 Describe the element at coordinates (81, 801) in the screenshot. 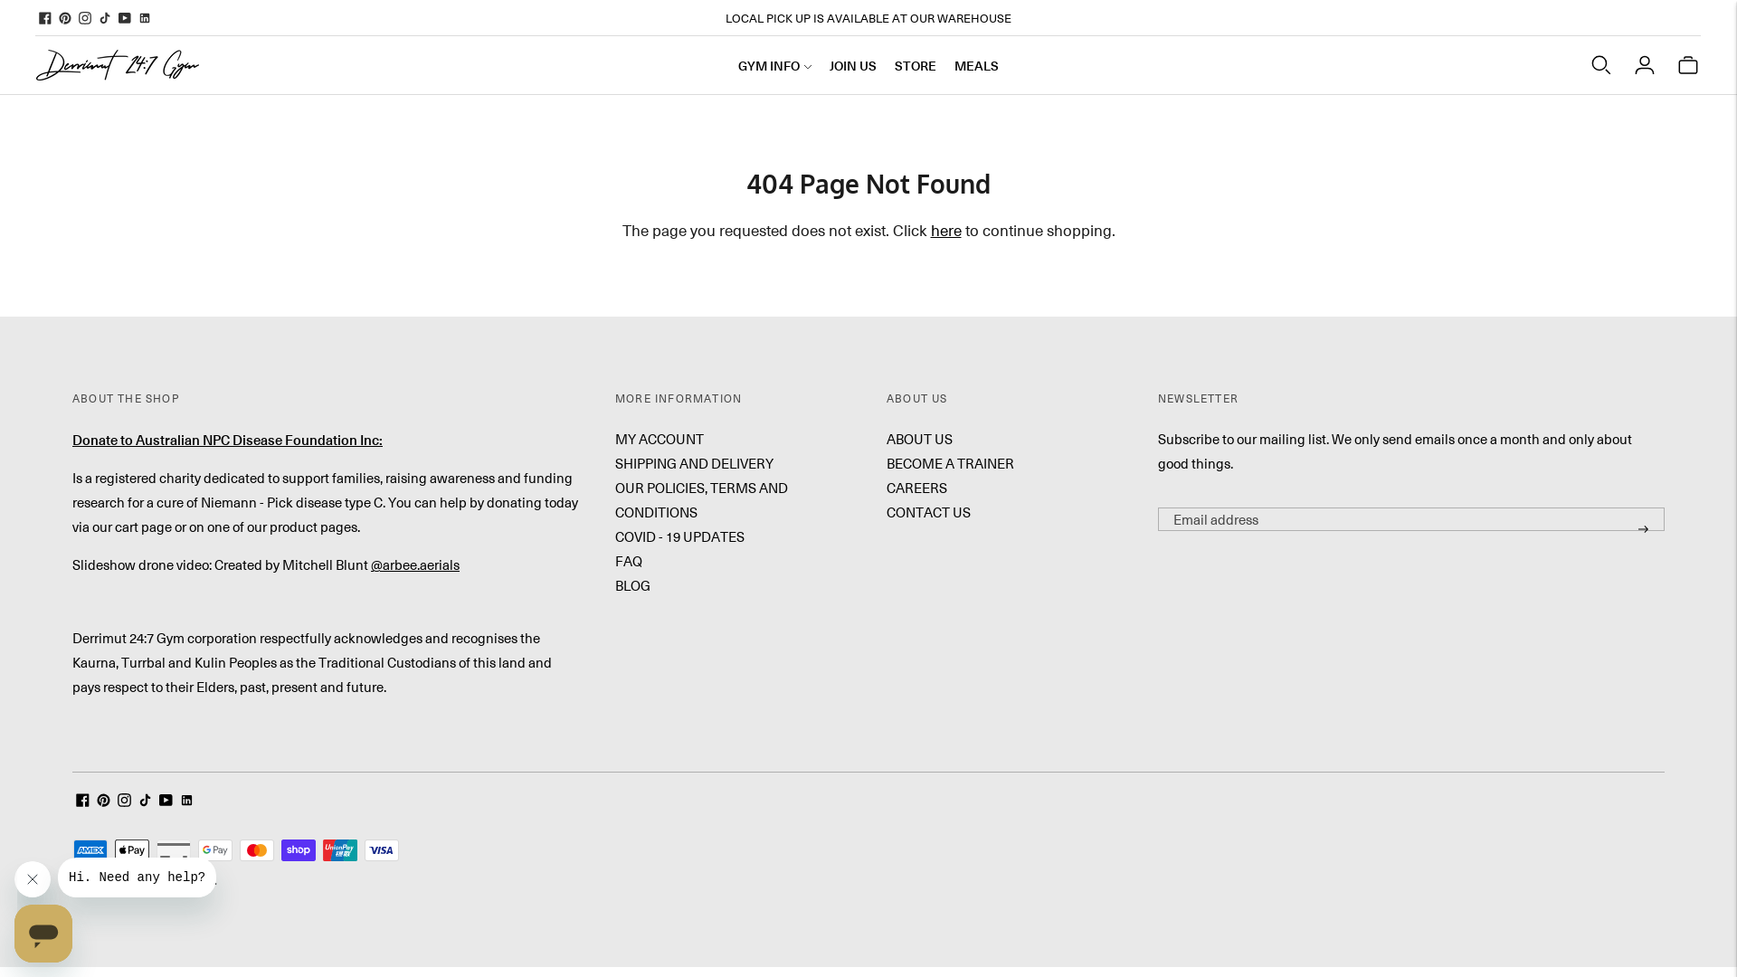

I see `'Derrimut 24:7 Gym on Facebook'` at that location.